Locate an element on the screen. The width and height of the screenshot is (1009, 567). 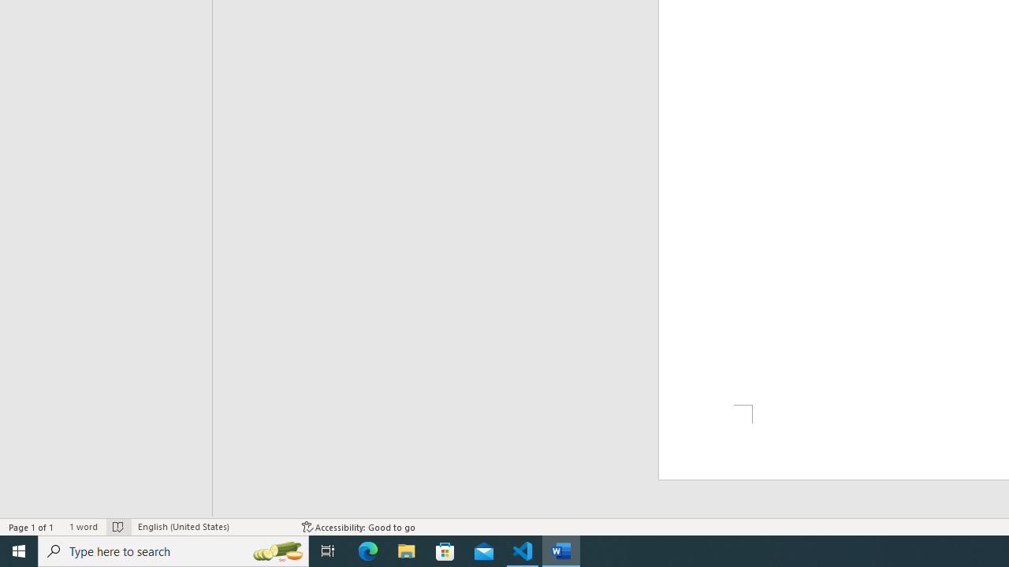
'Page Number Page 1 of 1' is located at coordinates (32, 527).